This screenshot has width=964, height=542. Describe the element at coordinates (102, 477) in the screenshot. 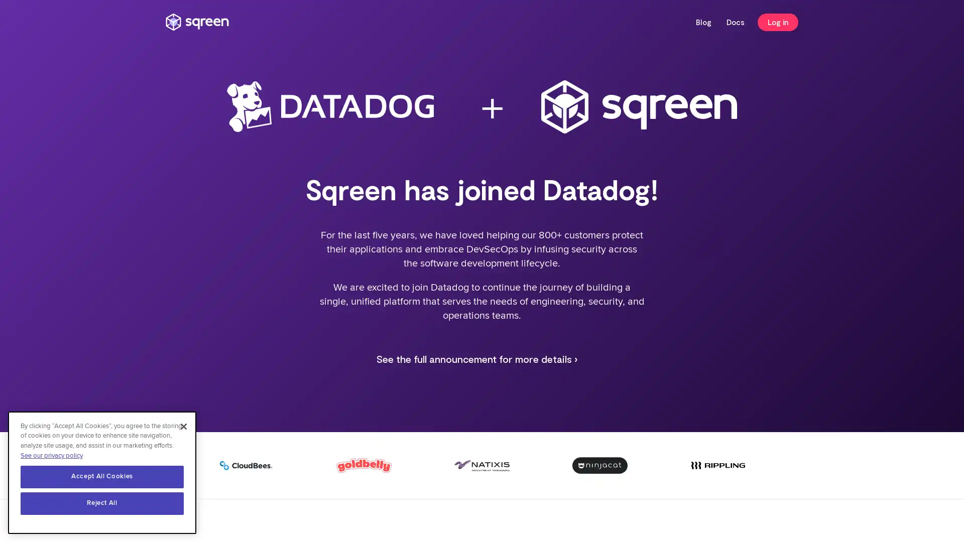

I see `Accept All Cookies` at that location.